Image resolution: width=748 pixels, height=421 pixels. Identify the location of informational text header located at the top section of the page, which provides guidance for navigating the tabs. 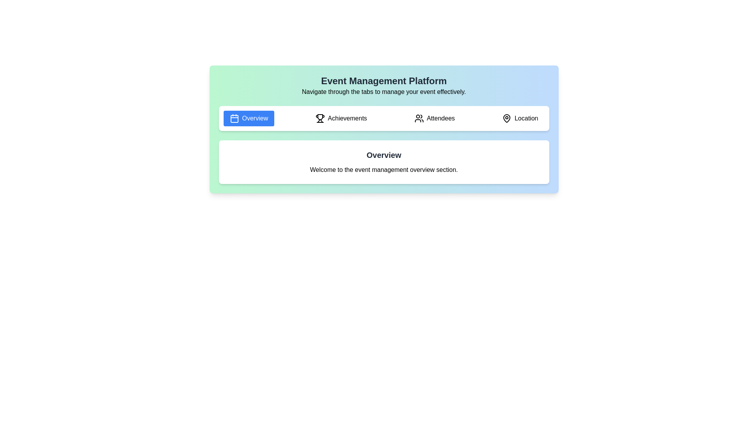
(384, 85).